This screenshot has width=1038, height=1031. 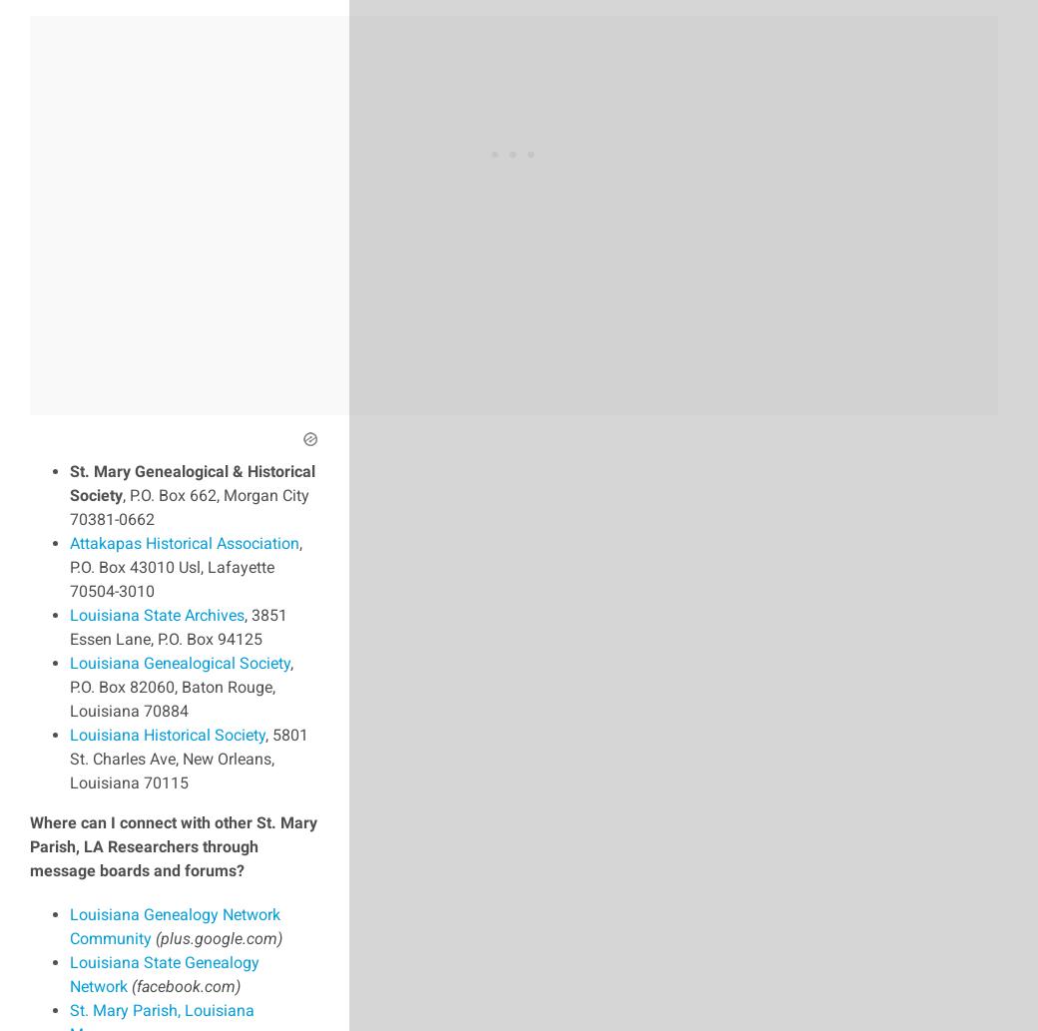 I want to click on 'Attakapas Historical Association', so click(x=185, y=541).